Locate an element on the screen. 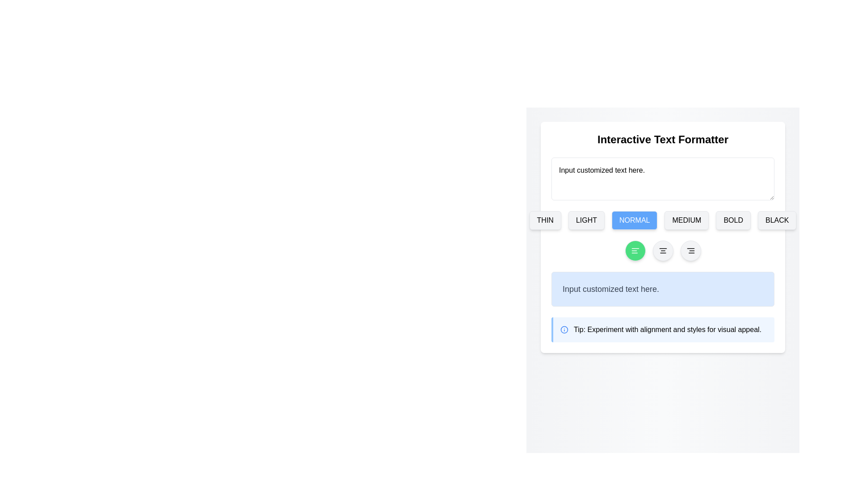 This screenshot has width=858, height=482. the leftmost circular button with a green background and left alignment icon to apply left text alignment is located at coordinates (635, 251).